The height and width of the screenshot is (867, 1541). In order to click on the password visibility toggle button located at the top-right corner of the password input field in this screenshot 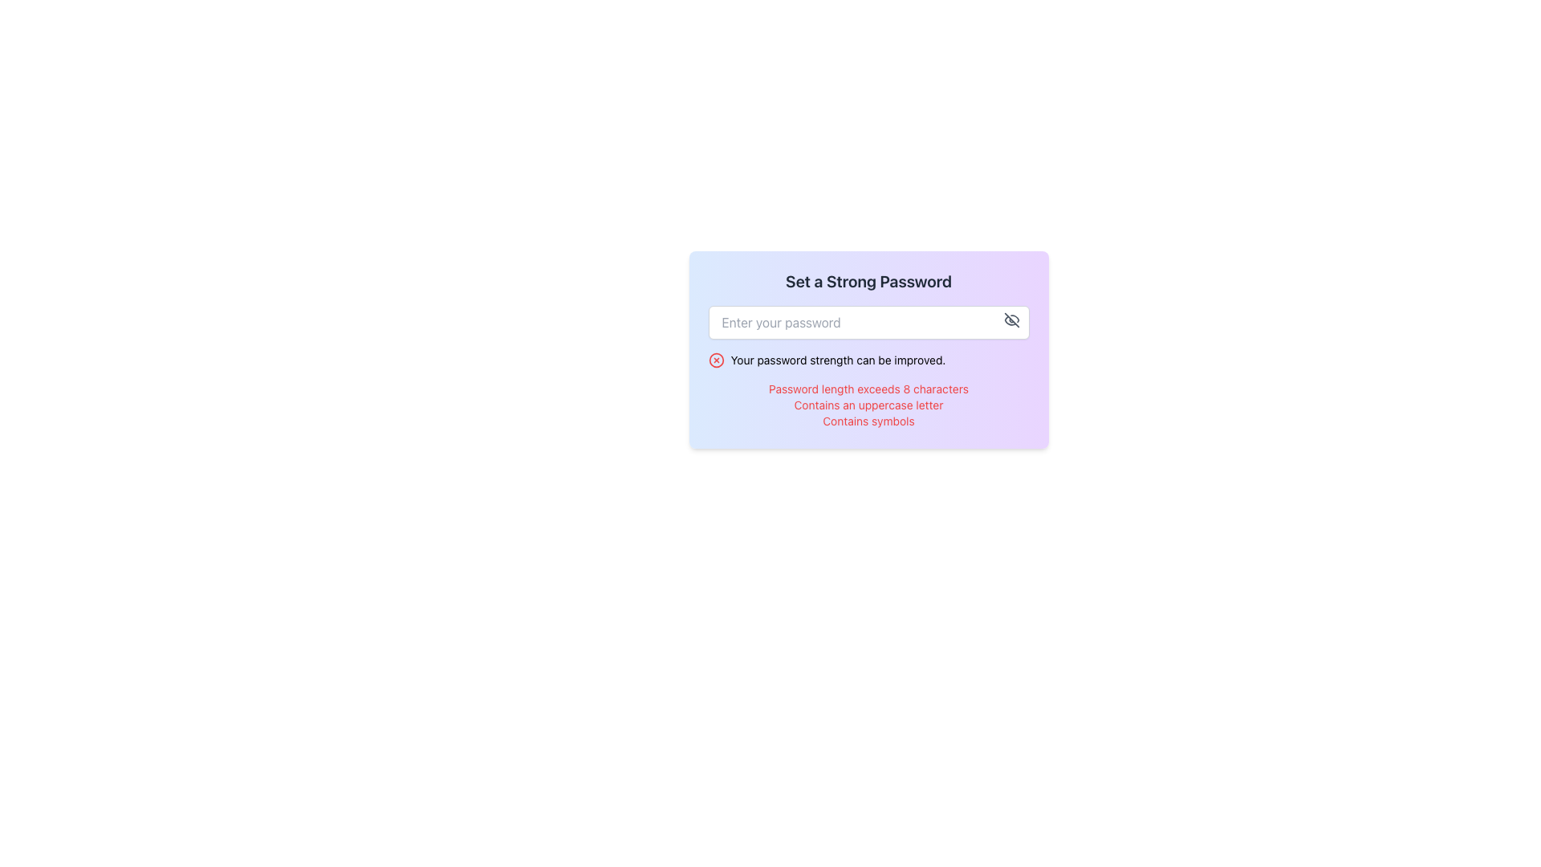, I will do `click(1010, 320)`.